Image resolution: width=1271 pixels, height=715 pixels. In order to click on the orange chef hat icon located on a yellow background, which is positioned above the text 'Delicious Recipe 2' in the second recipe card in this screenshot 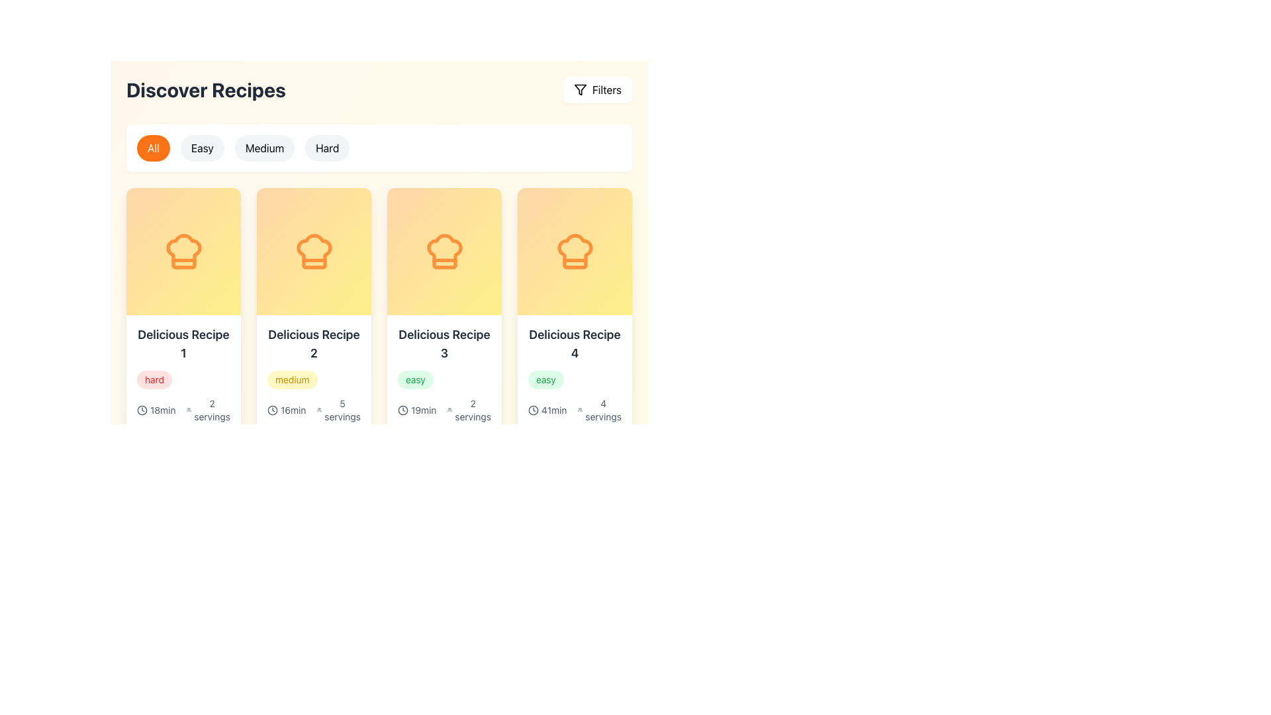, I will do `click(313, 251)`.